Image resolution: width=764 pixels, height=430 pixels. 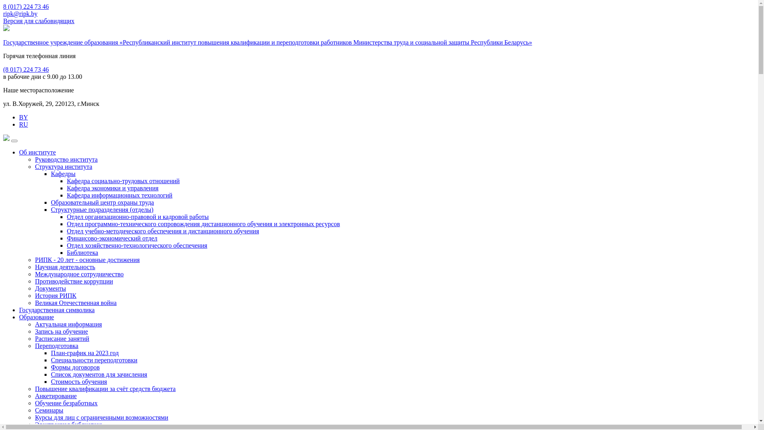 I want to click on 'ripk@ripk.by', so click(x=20, y=14).